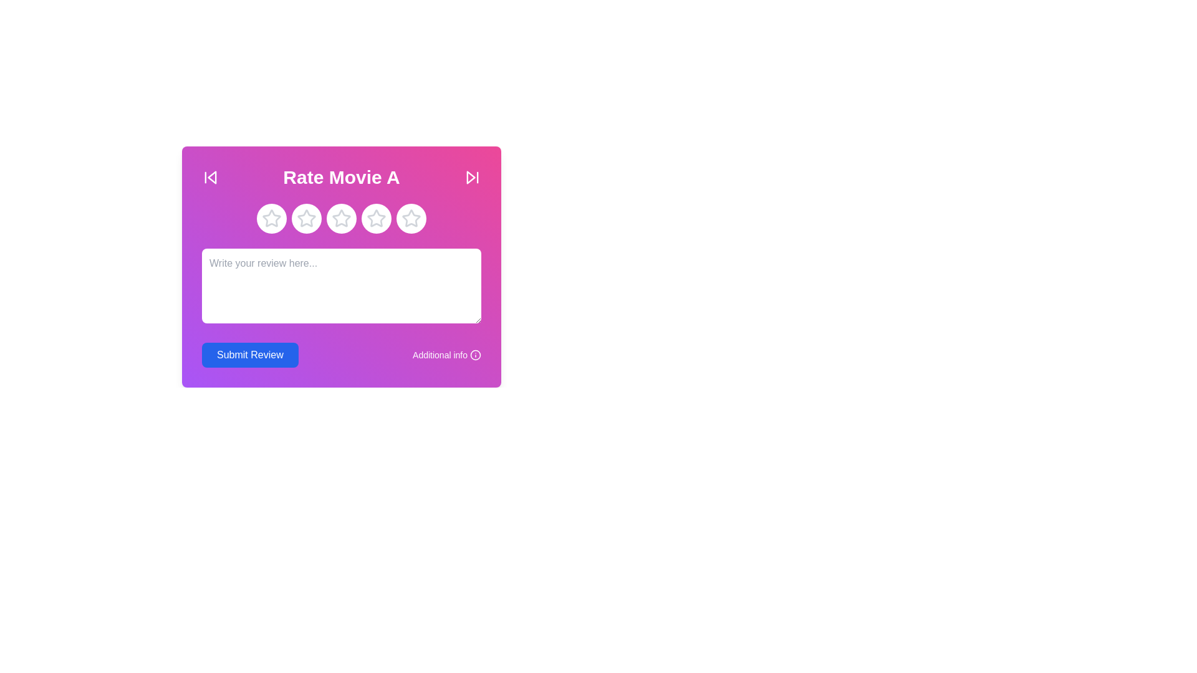 The width and height of the screenshot is (1197, 673). What do you see at coordinates (341, 178) in the screenshot?
I see `the Text Label that serves as a header for the rating interface, located at the top center above the star icons` at bounding box center [341, 178].